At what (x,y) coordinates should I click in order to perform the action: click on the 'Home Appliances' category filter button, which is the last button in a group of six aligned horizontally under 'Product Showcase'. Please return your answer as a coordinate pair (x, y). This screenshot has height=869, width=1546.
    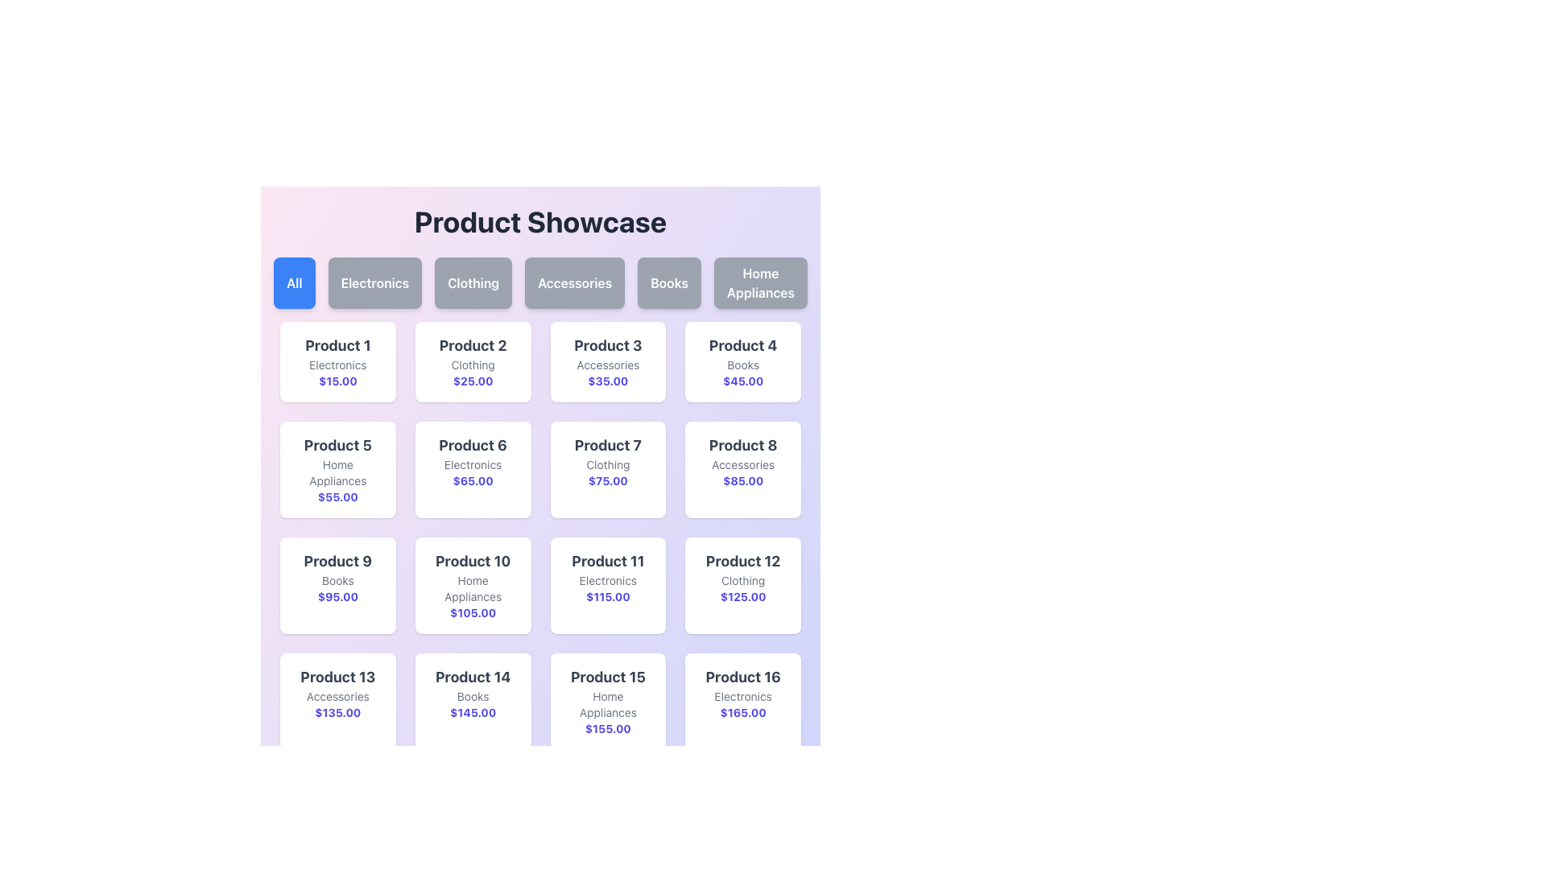
    Looking at the image, I should click on (759, 282).